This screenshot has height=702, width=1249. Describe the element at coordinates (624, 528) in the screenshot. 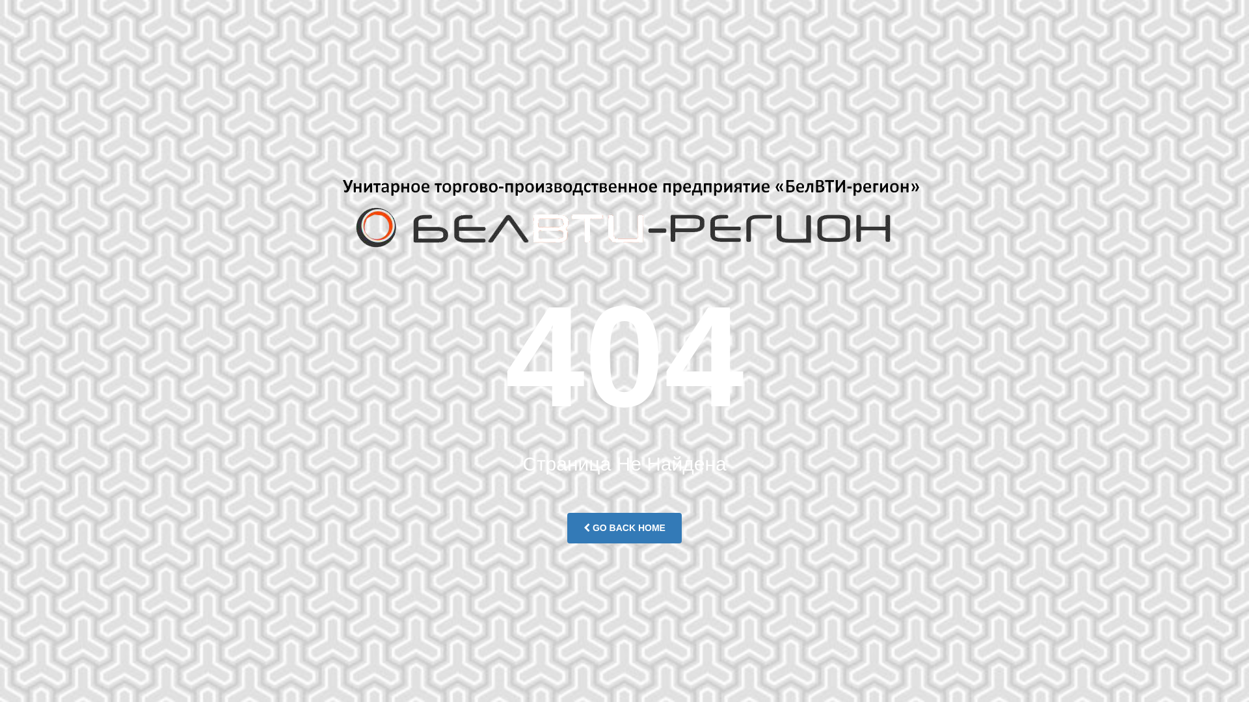

I see `'GO BACK HOME'` at that location.